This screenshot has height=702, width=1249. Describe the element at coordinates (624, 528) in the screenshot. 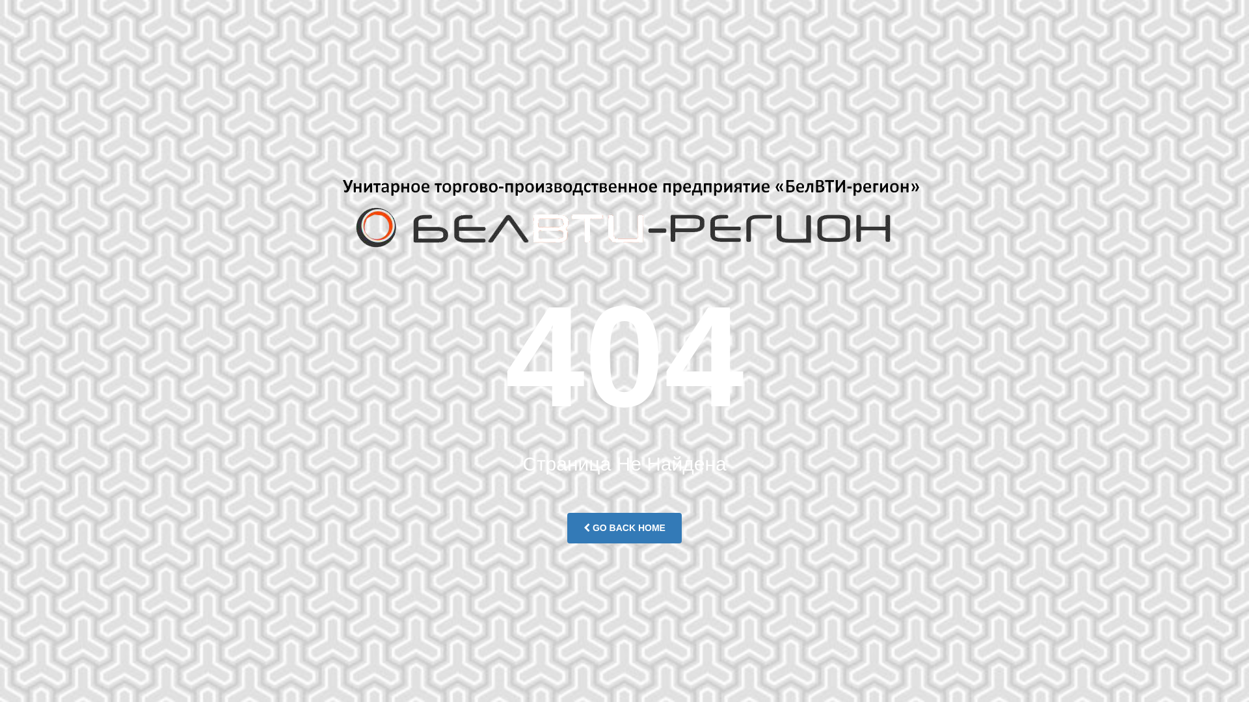

I see `'GO BACK HOME'` at that location.